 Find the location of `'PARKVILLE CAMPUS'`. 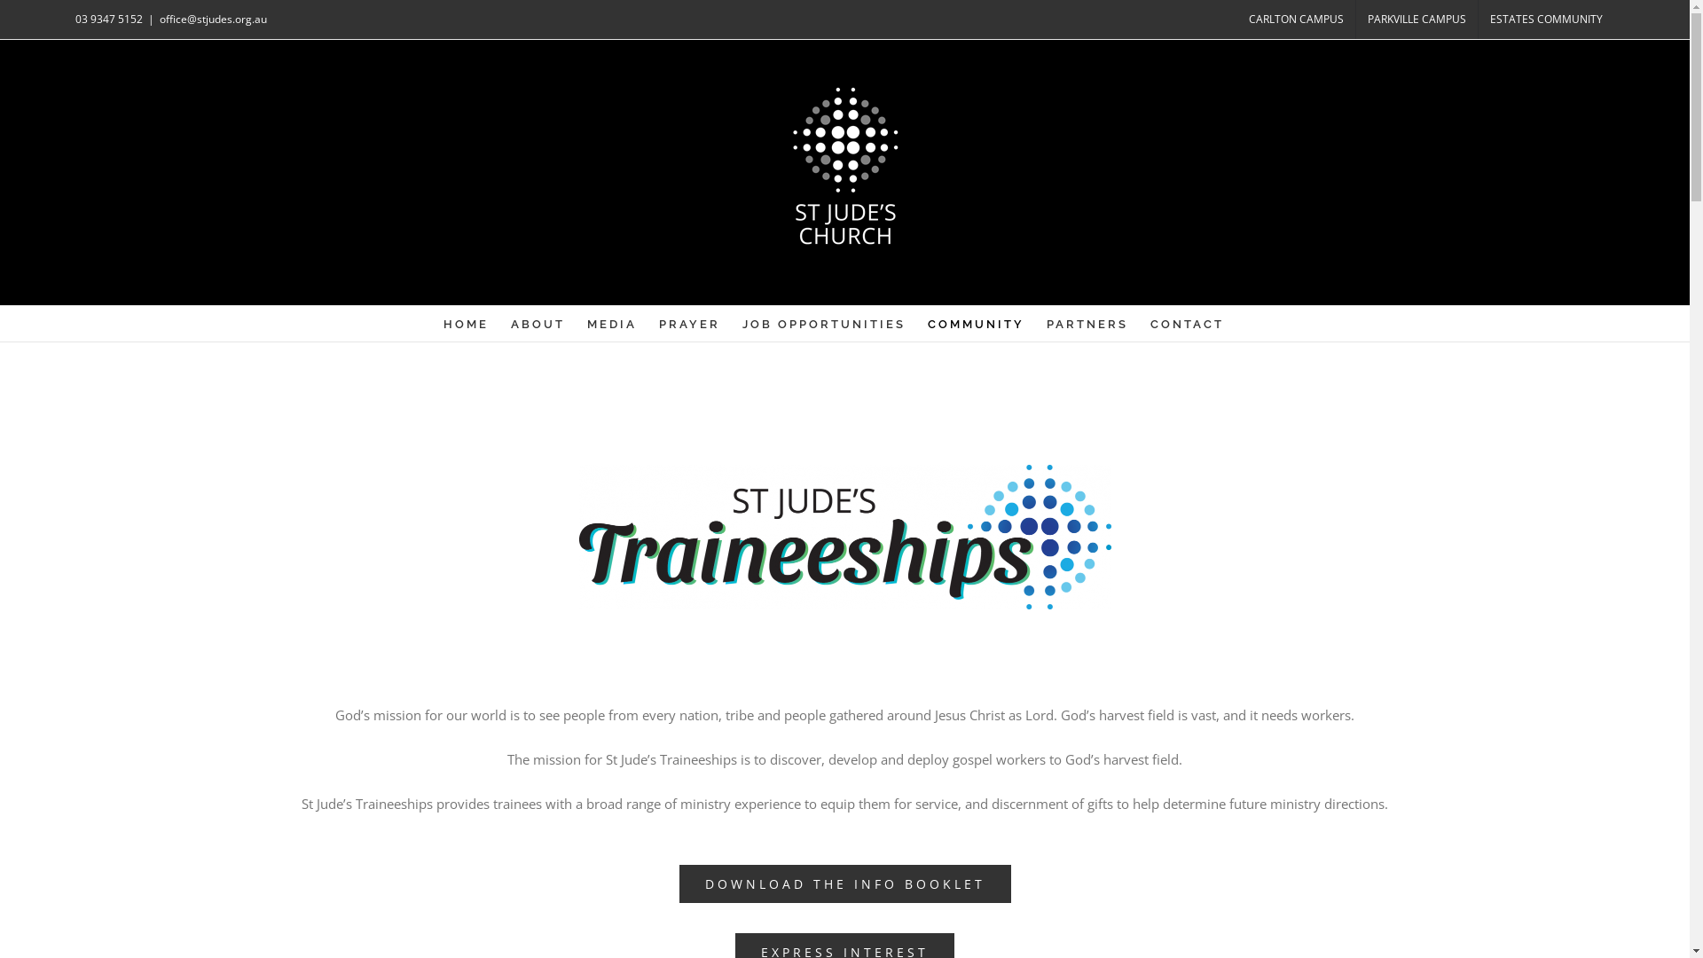

'PARKVILLE CAMPUS' is located at coordinates (1416, 20).